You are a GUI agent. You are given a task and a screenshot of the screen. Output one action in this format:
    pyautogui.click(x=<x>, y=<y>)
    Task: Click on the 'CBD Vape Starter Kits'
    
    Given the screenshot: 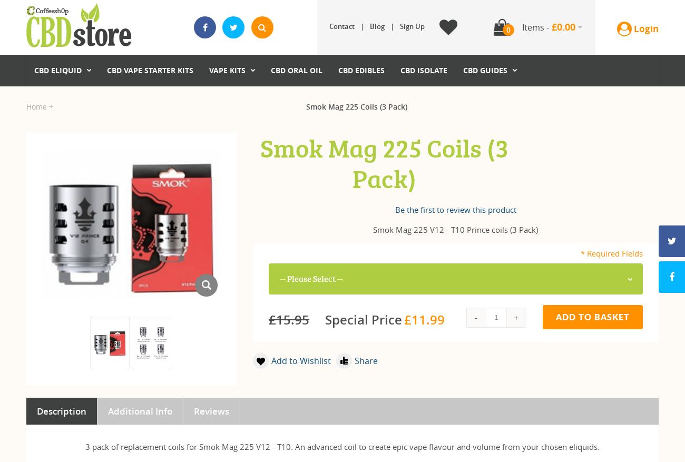 What is the action you would take?
    pyautogui.click(x=150, y=70)
    